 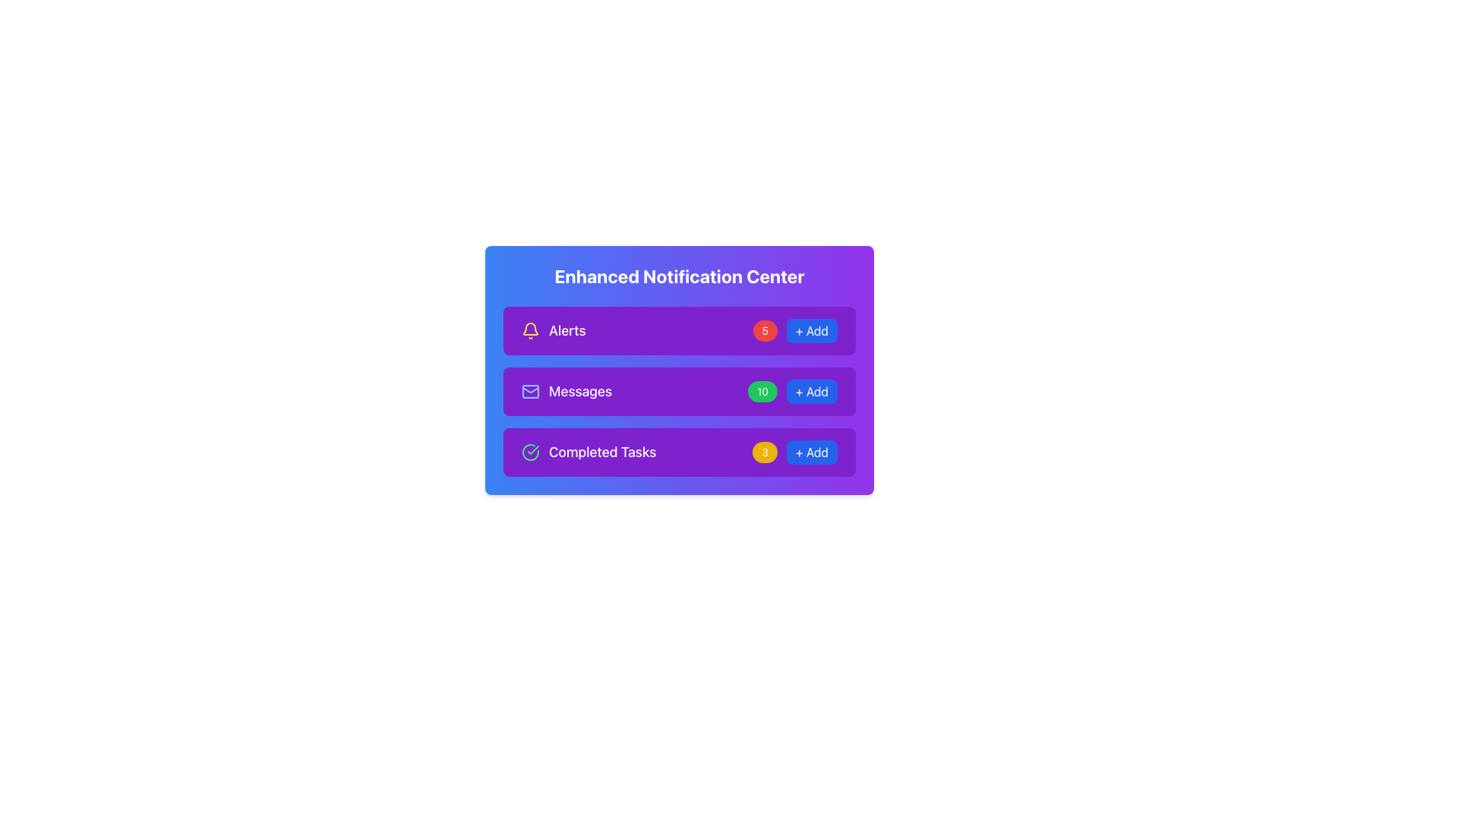 What do you see at coordinates (601, 452) in the screenshot?
I see `the 'Completed Tasks' text label, which serves as a descriptive label for the notifications associated with completed tasks, positioned to the right of a green checkmark icon` at bounding box center [601, 452].